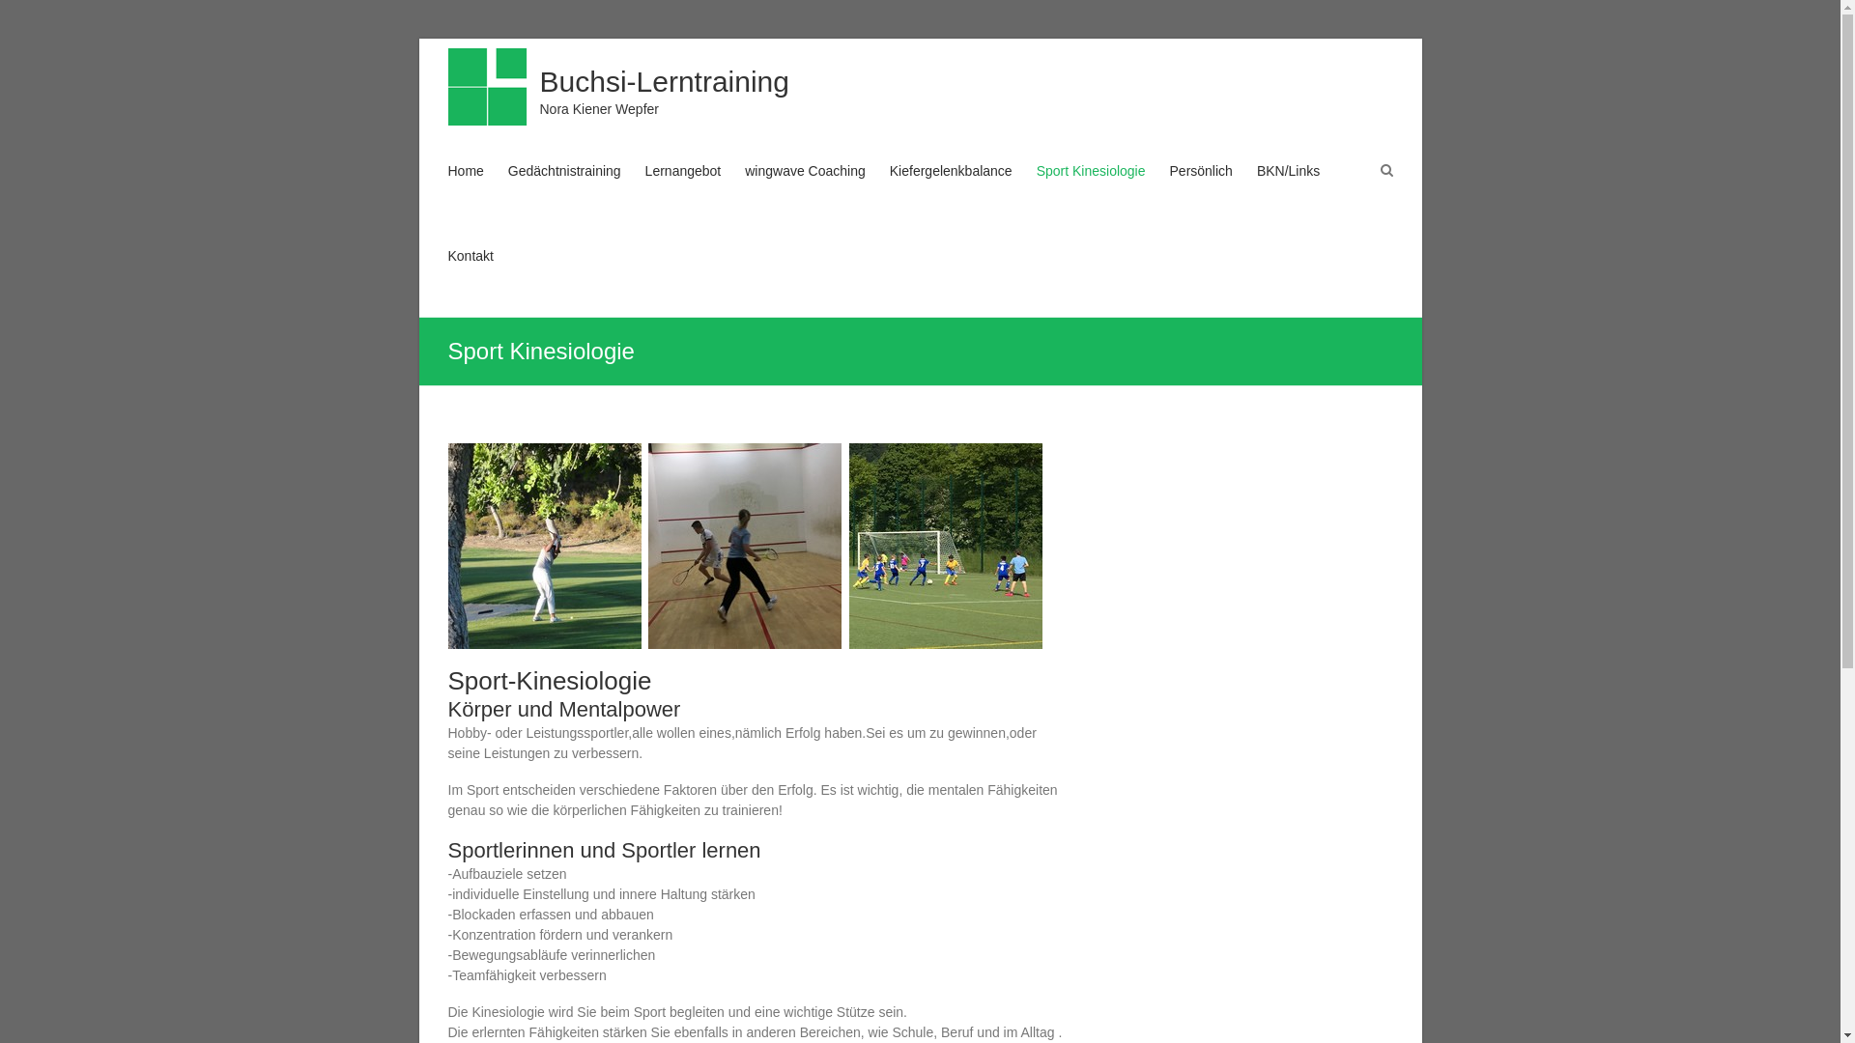 Image resolution: width=1855 pixels, height=1043 pixels. What do you see at coordinates (951, 189) in the screenshot?
I see `'Kiefergelenkbalance'` at bounding box center [951, 189].